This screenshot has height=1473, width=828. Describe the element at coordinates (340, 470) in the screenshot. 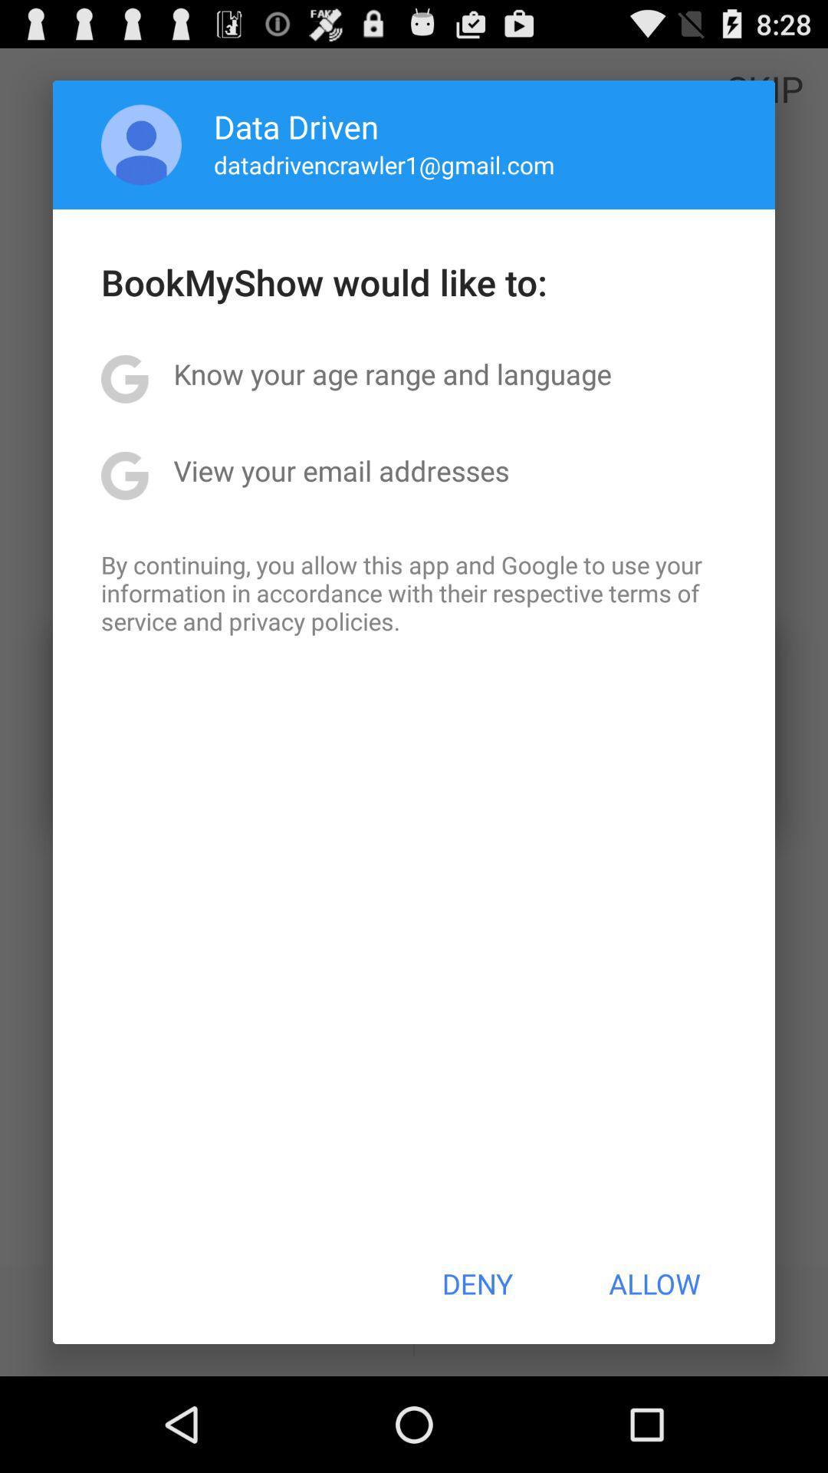

I see `the item above the by continuing you icon` at that location.